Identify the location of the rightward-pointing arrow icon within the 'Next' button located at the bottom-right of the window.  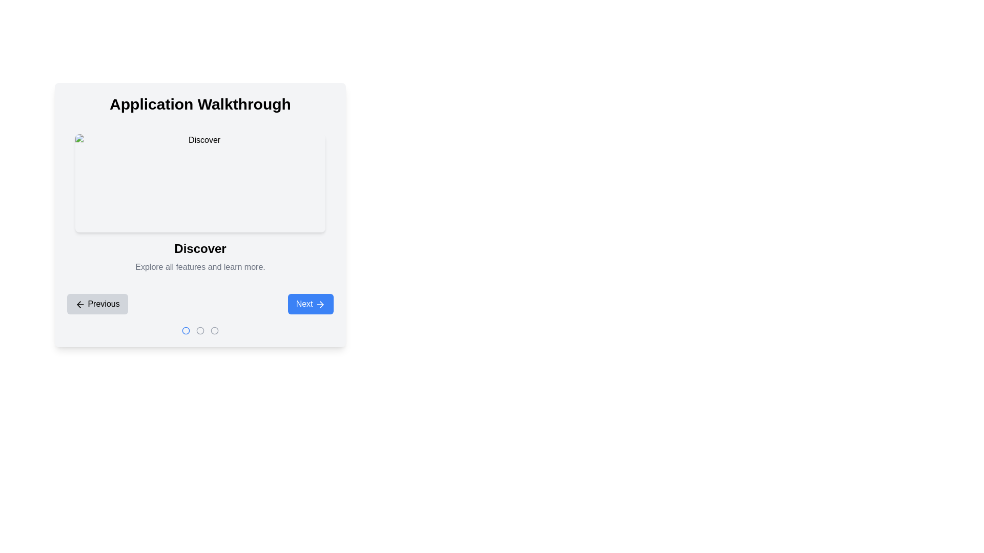
(321, 304).